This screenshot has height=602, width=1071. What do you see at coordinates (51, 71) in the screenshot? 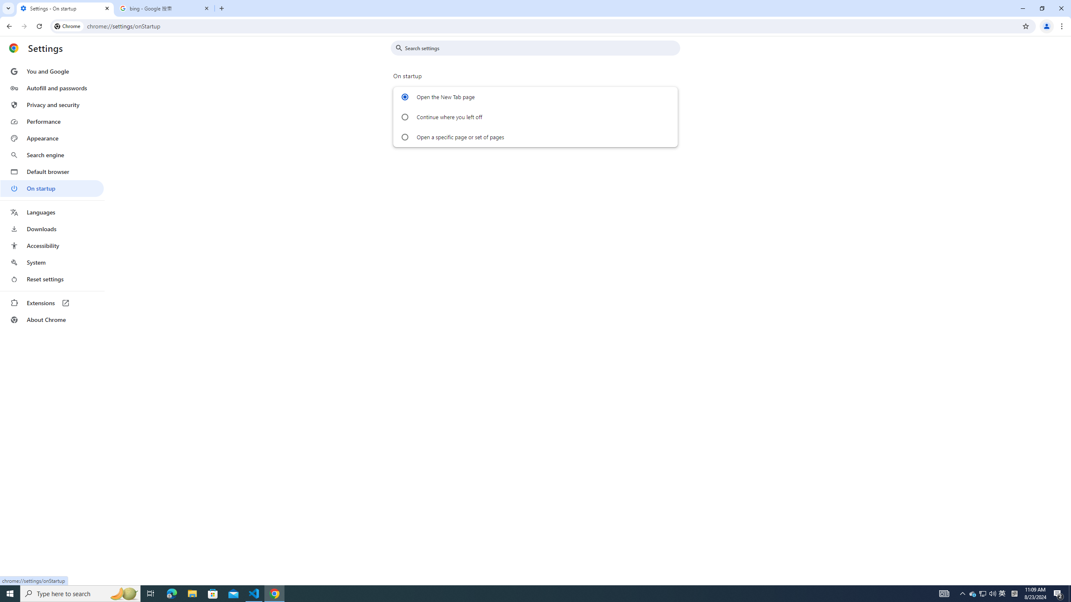
I see `'You and Google'` at bounding box center [51, 71].